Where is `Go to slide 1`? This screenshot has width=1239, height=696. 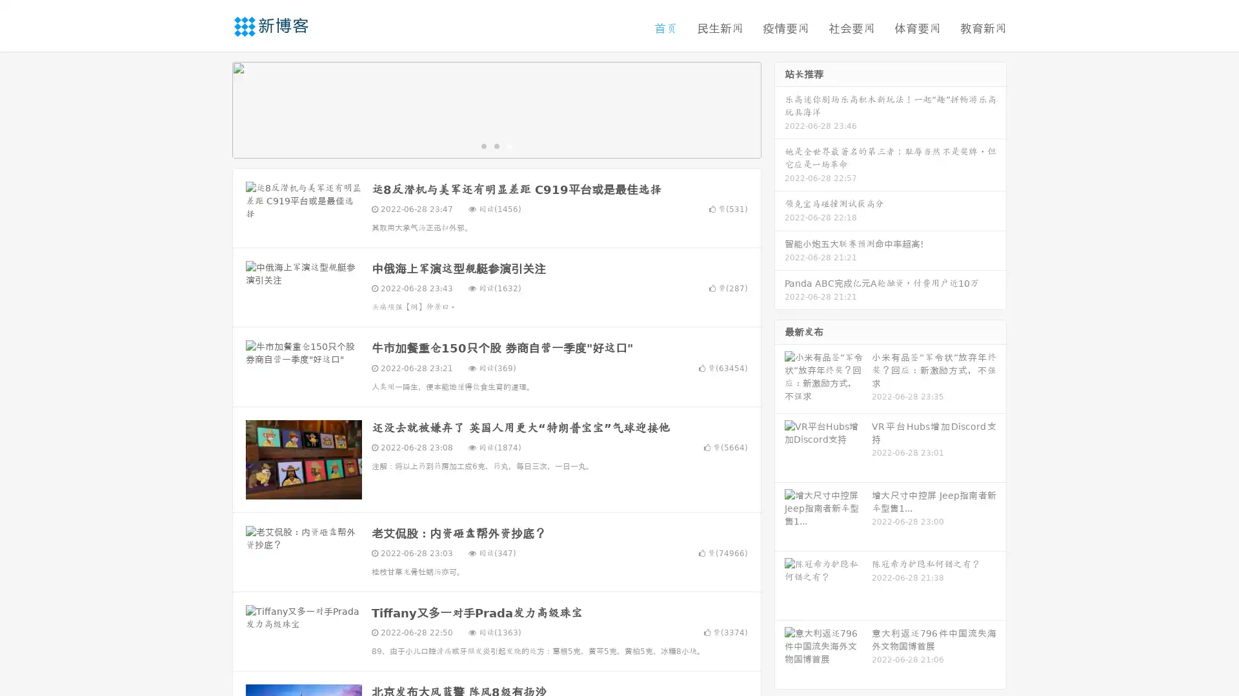
Go to slide 1 is located at coordinates (483, 145).